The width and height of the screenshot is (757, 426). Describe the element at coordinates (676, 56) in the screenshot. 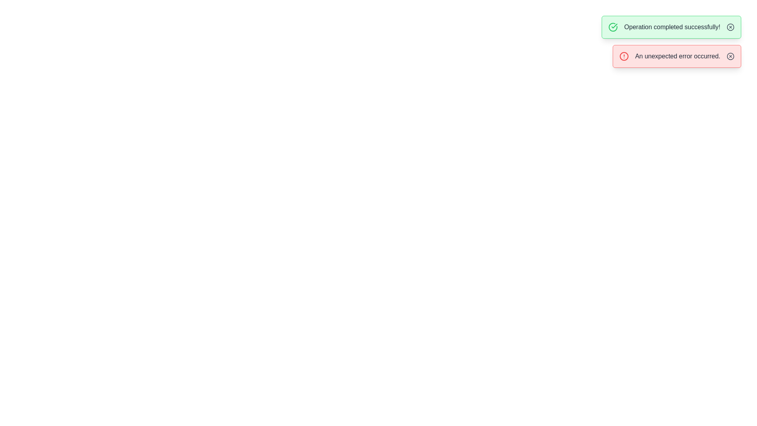

I see `the notification alert box with a red border and pale pink background that contains the message 'An unexpected error occurred.'` at that location.